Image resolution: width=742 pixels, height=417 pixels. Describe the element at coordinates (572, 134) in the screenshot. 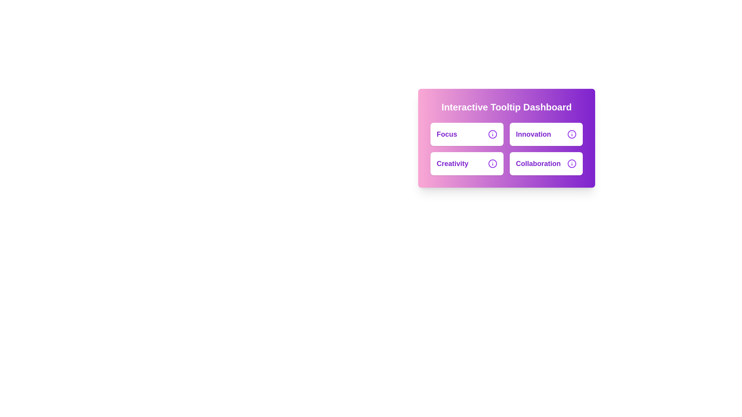

I see `the 'info' icon which is a circular shape with a purple stroke and white fill located in the top-right corner of the 'Innovation' labeled card` at that location.